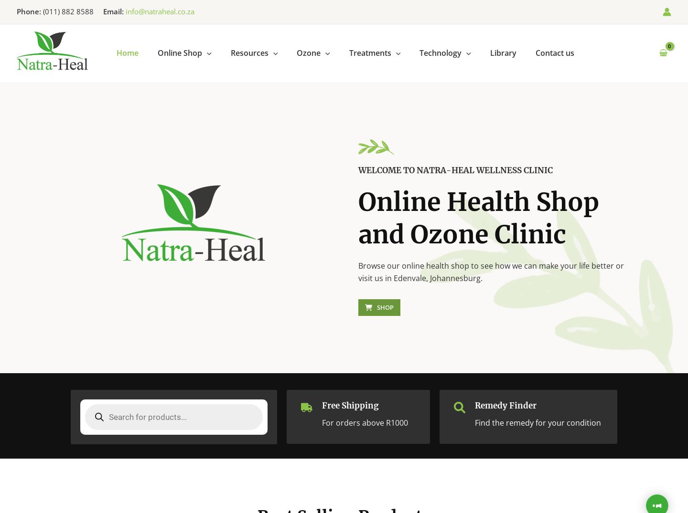 Image resolution: width=688 pixels, height=513 pixels. Describe the element at coordinates (350, 406) in the screenshot. I see `'Free Shipping'` at that location.